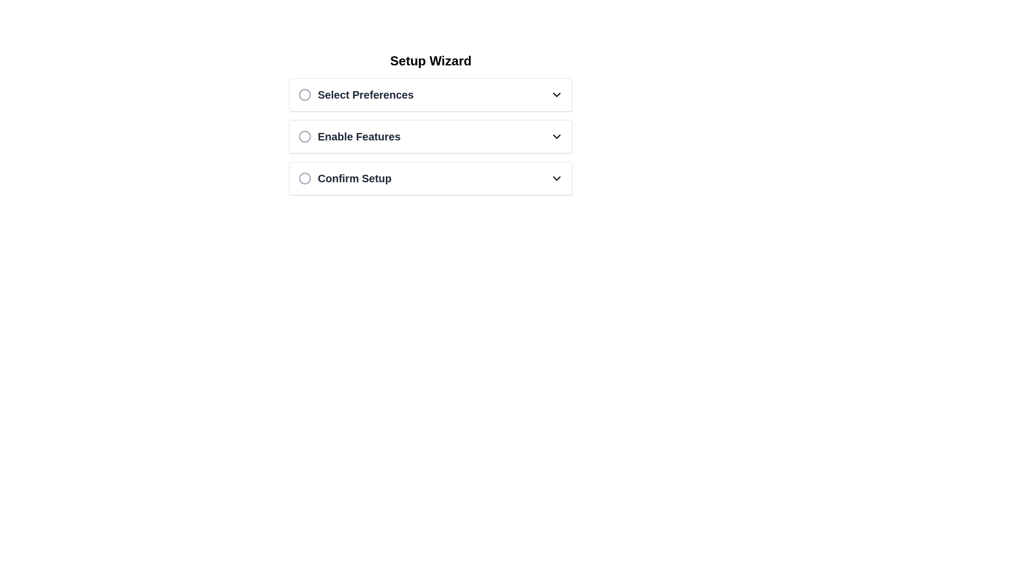 The width and height of the screenshot is (1029, 579). I want to click on the Dropdown trigger located at the upper region of the interface, the first item in a vertically stacked list of options, so click(431, 94).